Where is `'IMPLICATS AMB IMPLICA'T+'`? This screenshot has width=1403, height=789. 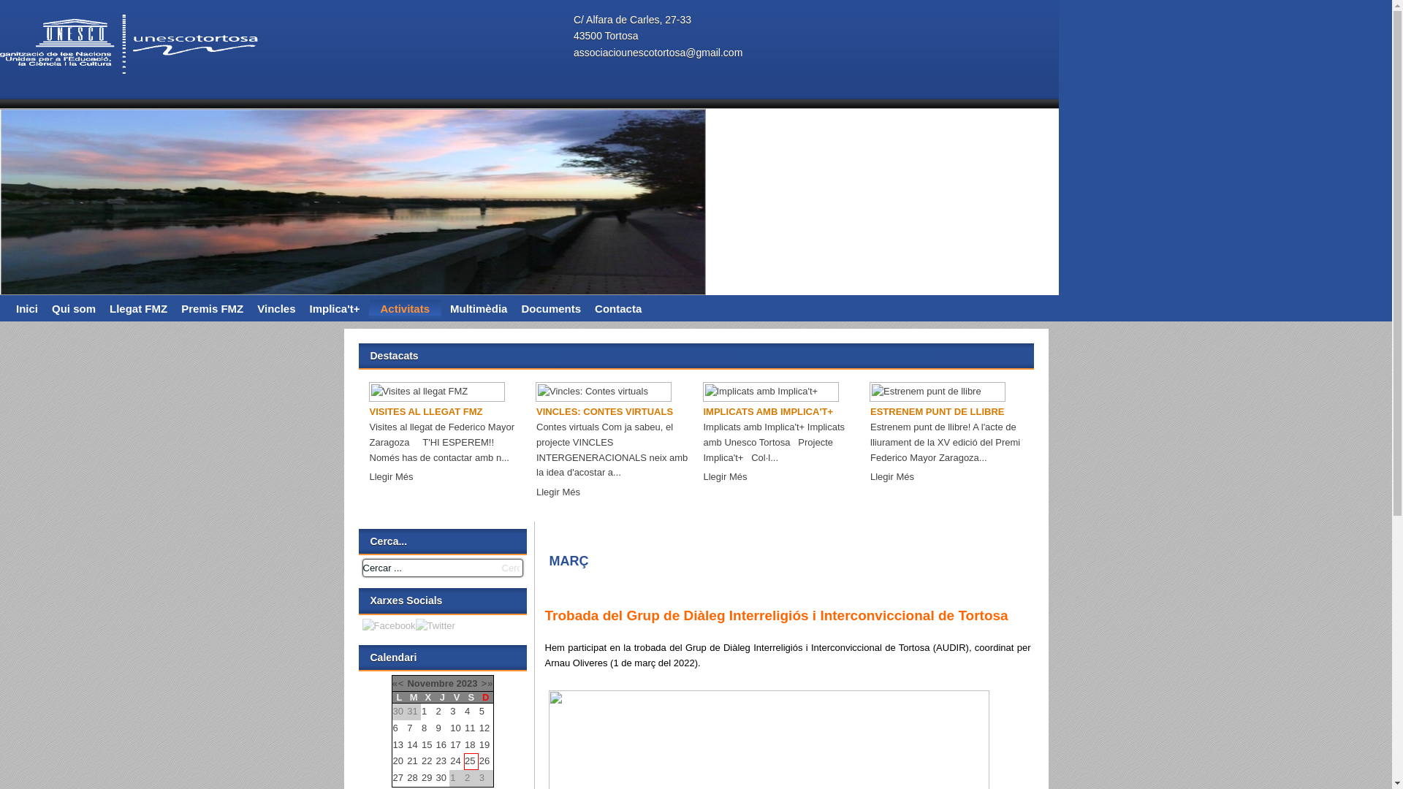 'IMPLICATS AMB IMPLICA'T+' is located at coordinates (702, 411).